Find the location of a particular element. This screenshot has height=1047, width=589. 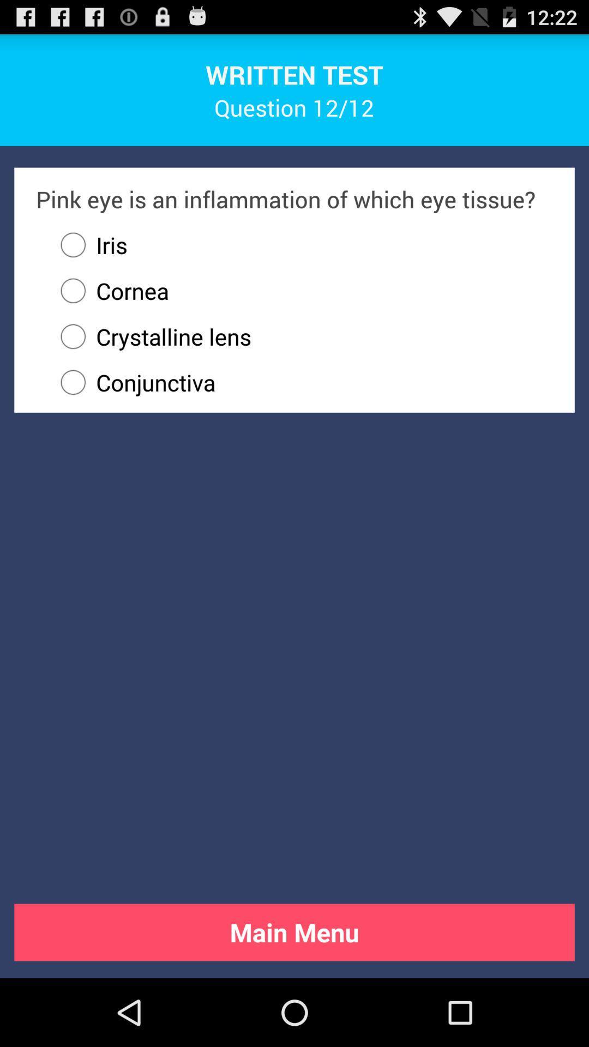

the conjunctiva icon is located at coordinates (302, 382).